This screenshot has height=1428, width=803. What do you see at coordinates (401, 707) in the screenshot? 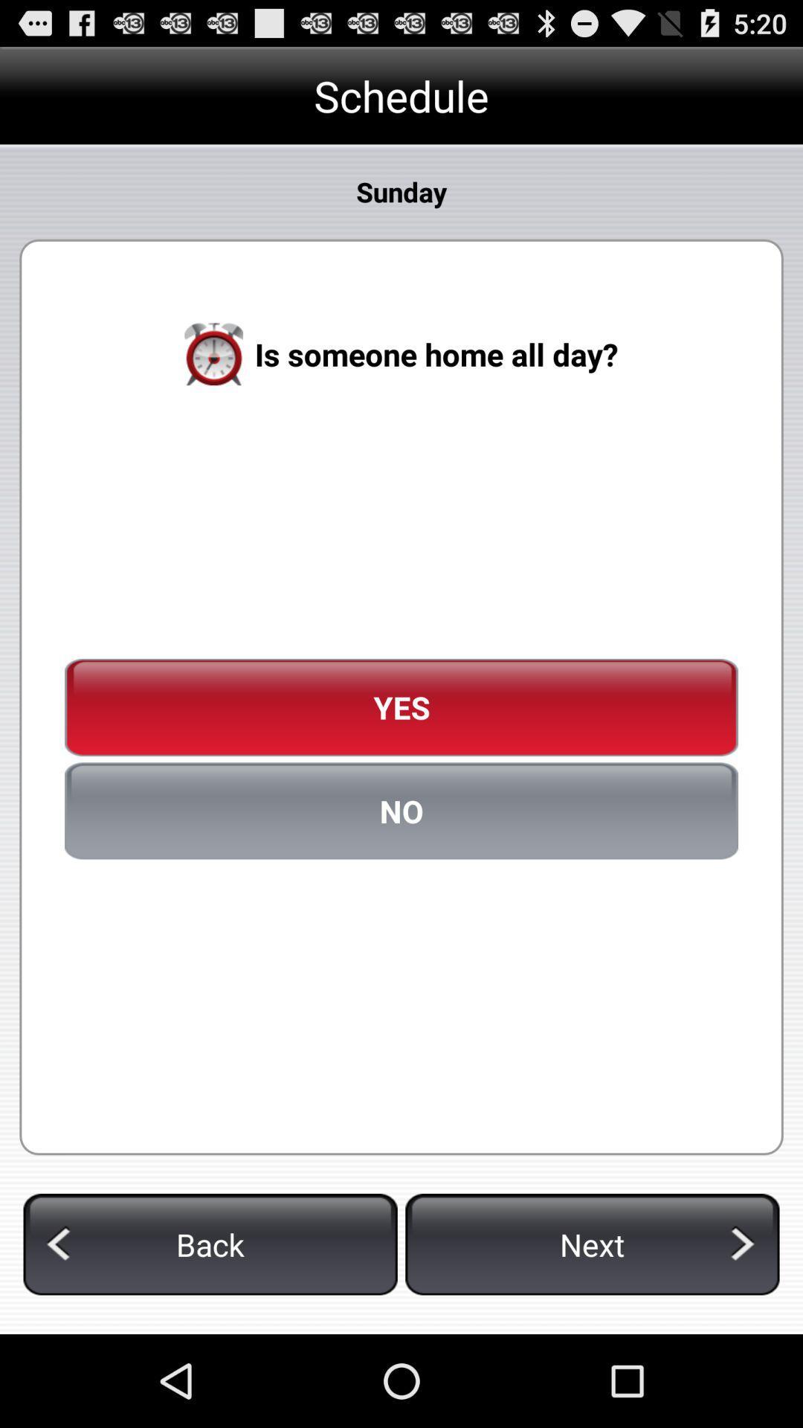
I see `the icon above no icon` at bounding box center [401, 707].